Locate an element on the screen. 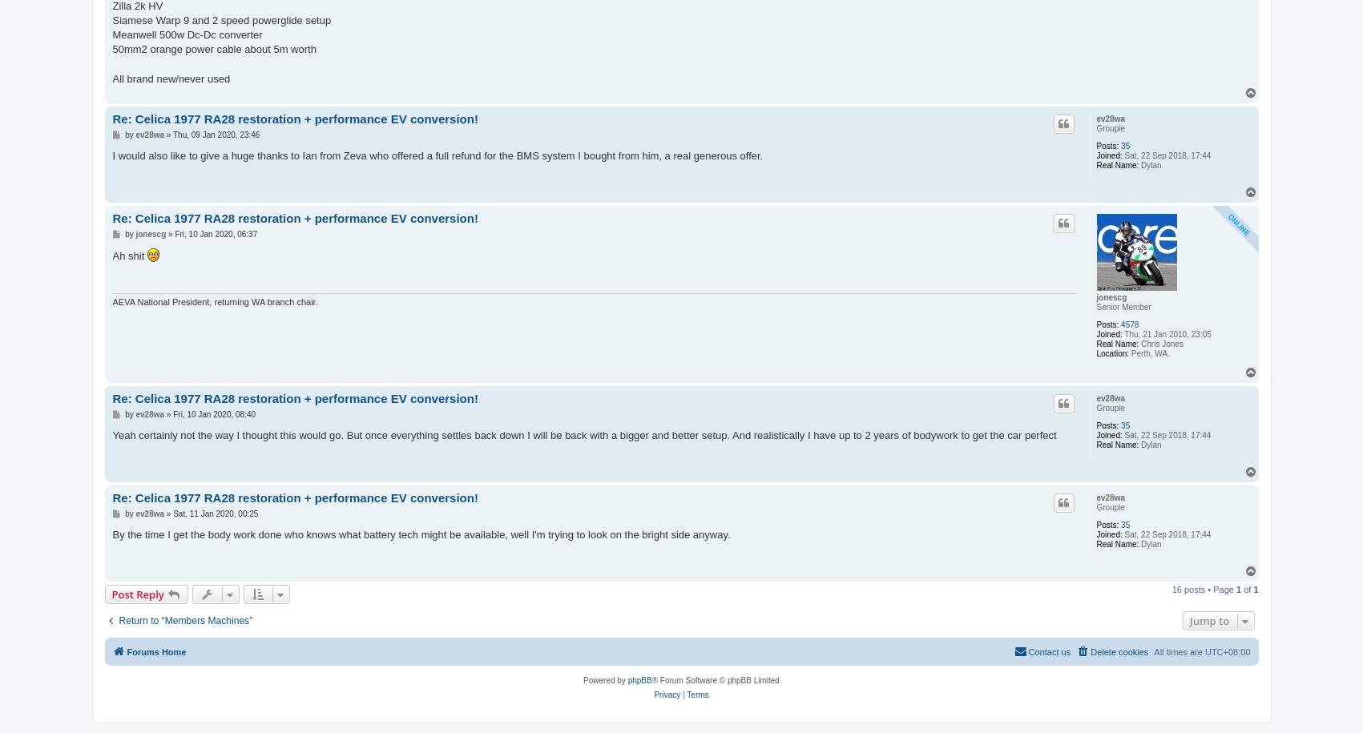 This screenshot has width=1363, height=733. '4578' is located at coordinates (1128, 323).